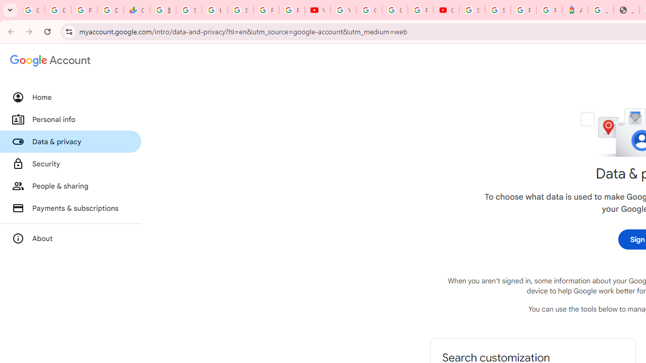 Image resolution: width=646 pixels, height=363 pixels. I want to click on 'Personal info', so click(70, 119).